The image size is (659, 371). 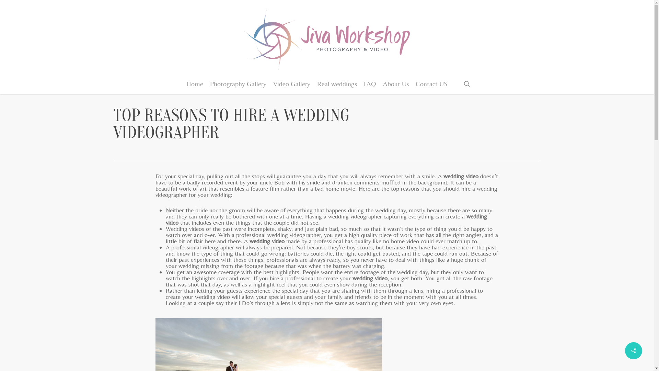 I want to click on 'FAQ', so click(x=370, y=83).